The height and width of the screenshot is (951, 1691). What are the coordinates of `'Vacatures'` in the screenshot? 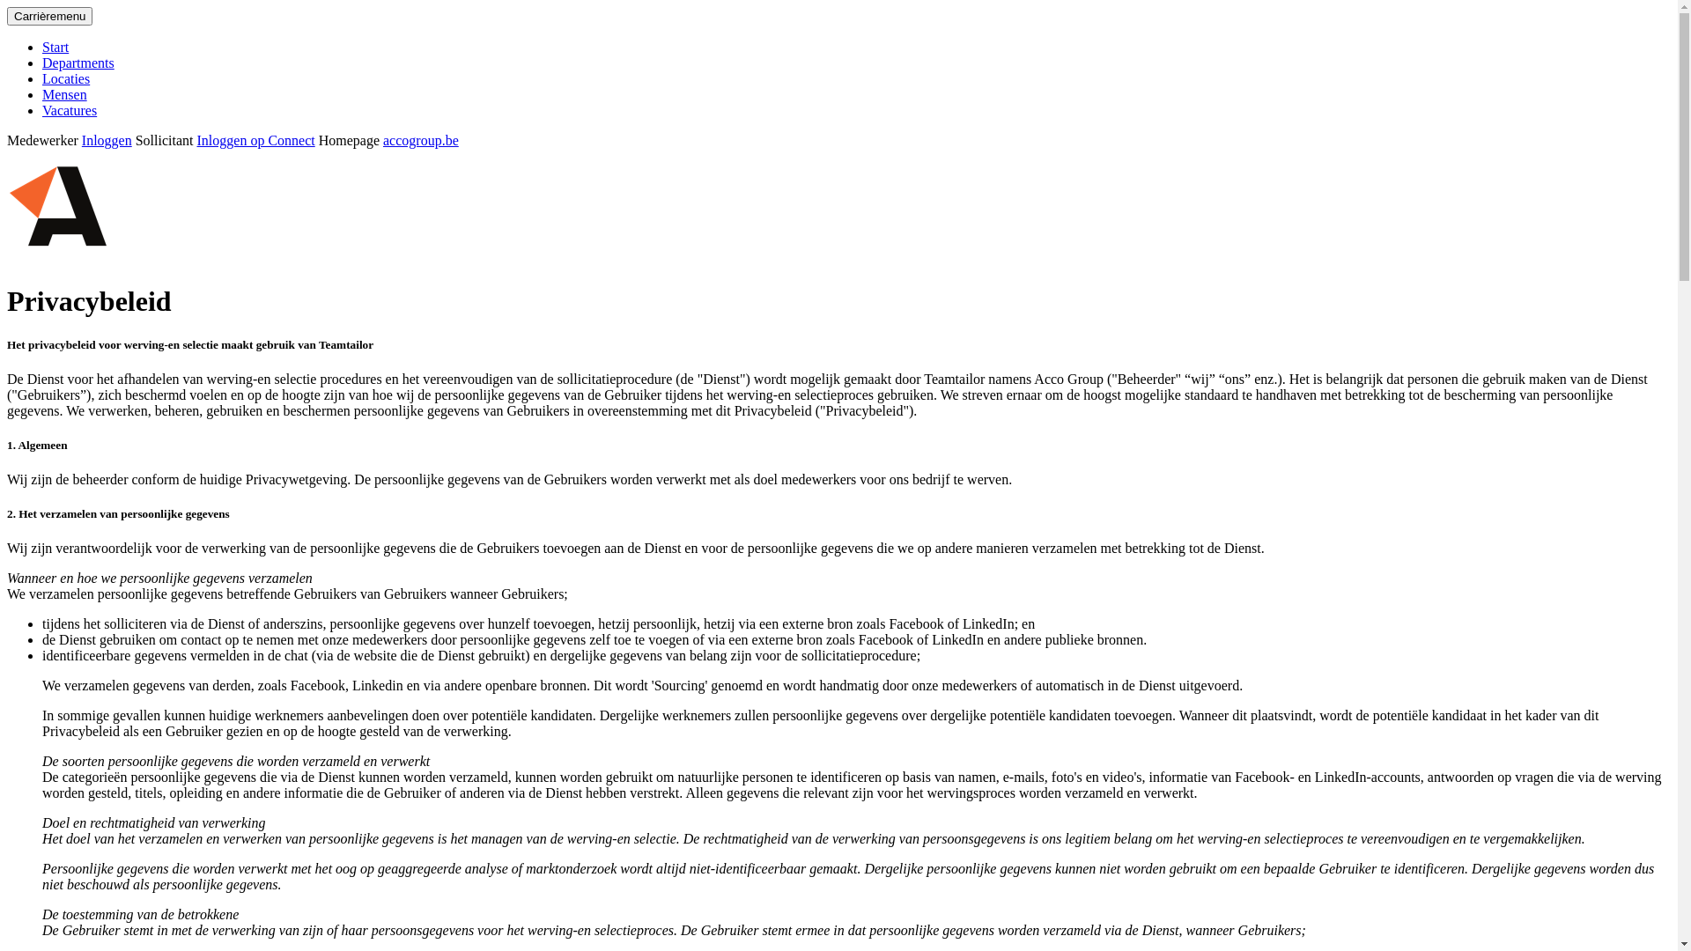 It's located at (42, 110).